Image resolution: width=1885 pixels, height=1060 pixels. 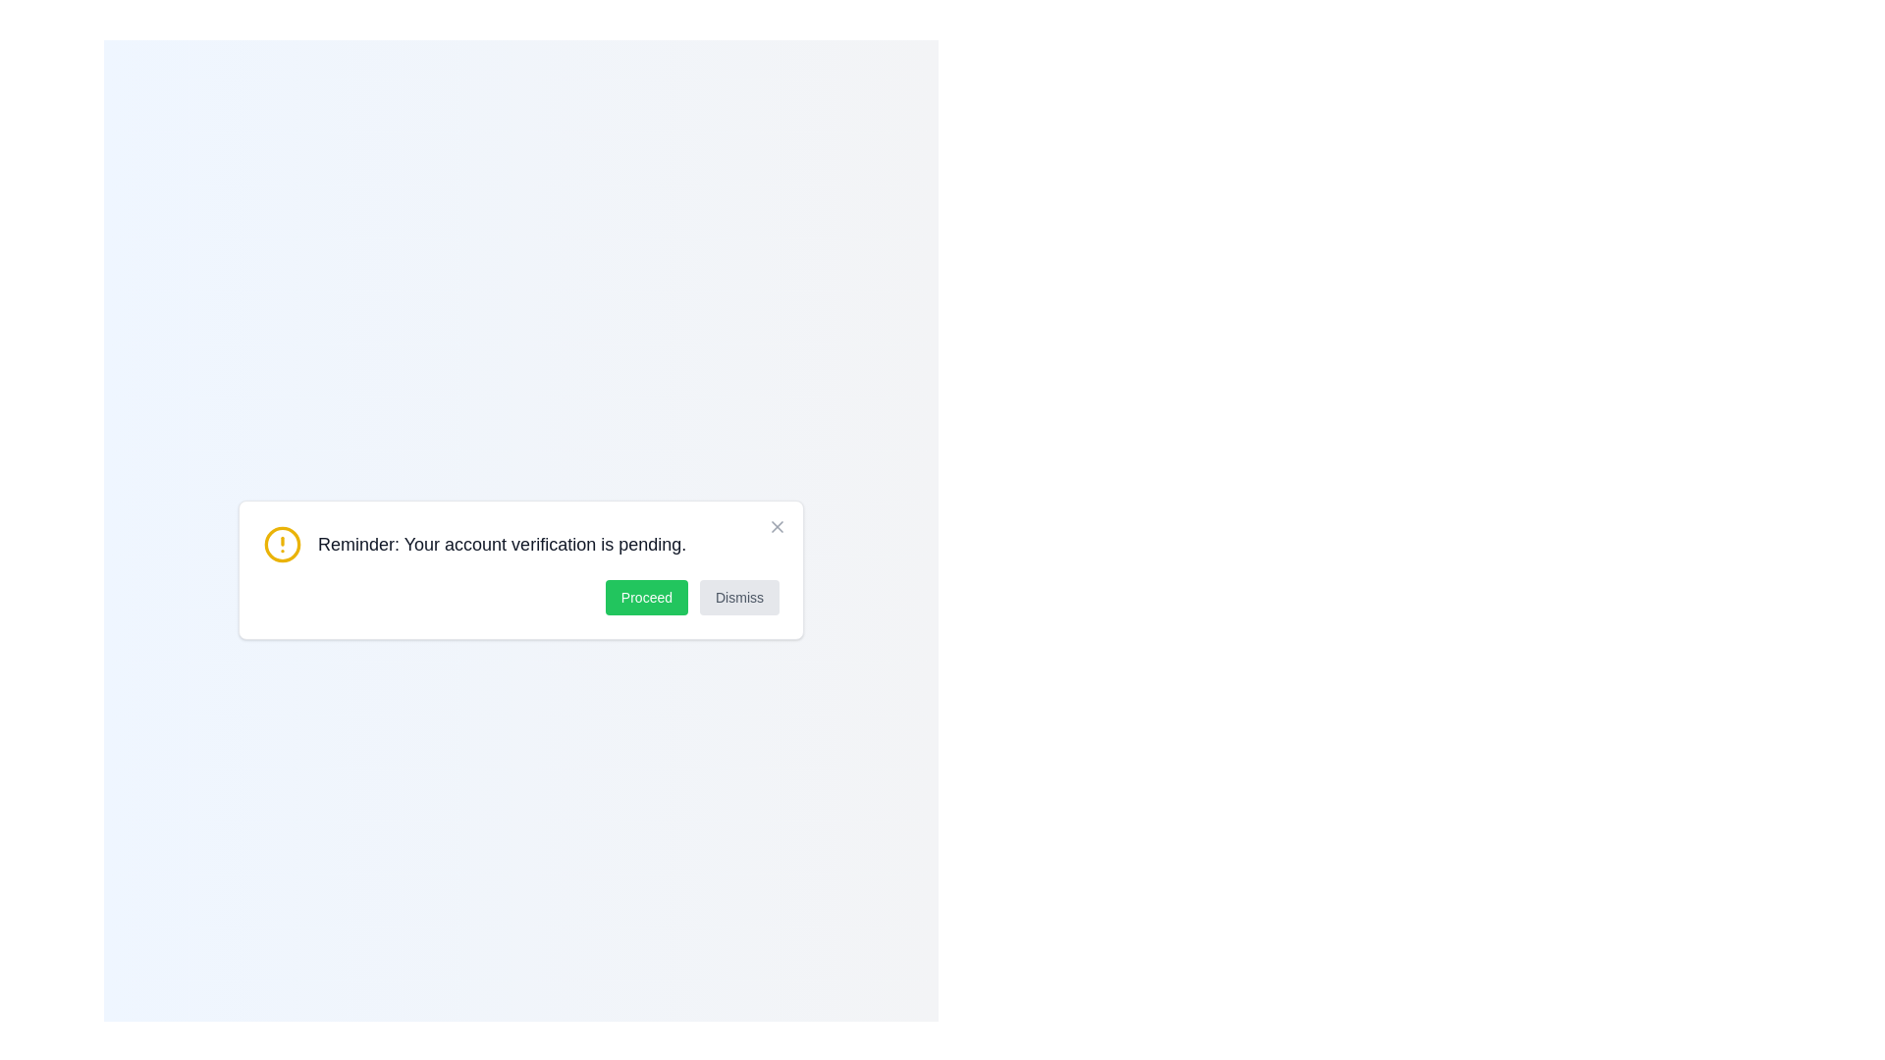 I want to click on the close button icon at the top-right corner of the notification box, so click(x=777, y=525).